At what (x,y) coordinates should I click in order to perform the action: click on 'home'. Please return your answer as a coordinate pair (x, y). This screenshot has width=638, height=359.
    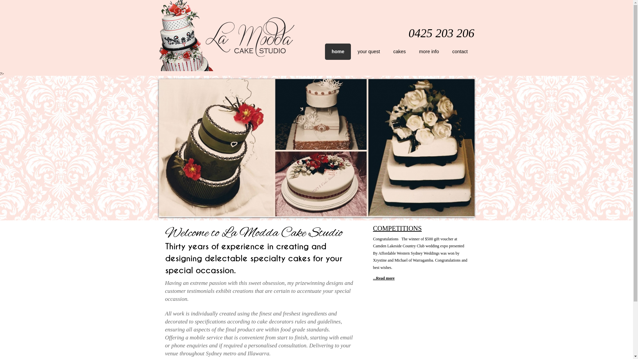
    Looking at the image, I should click on (325, 51).